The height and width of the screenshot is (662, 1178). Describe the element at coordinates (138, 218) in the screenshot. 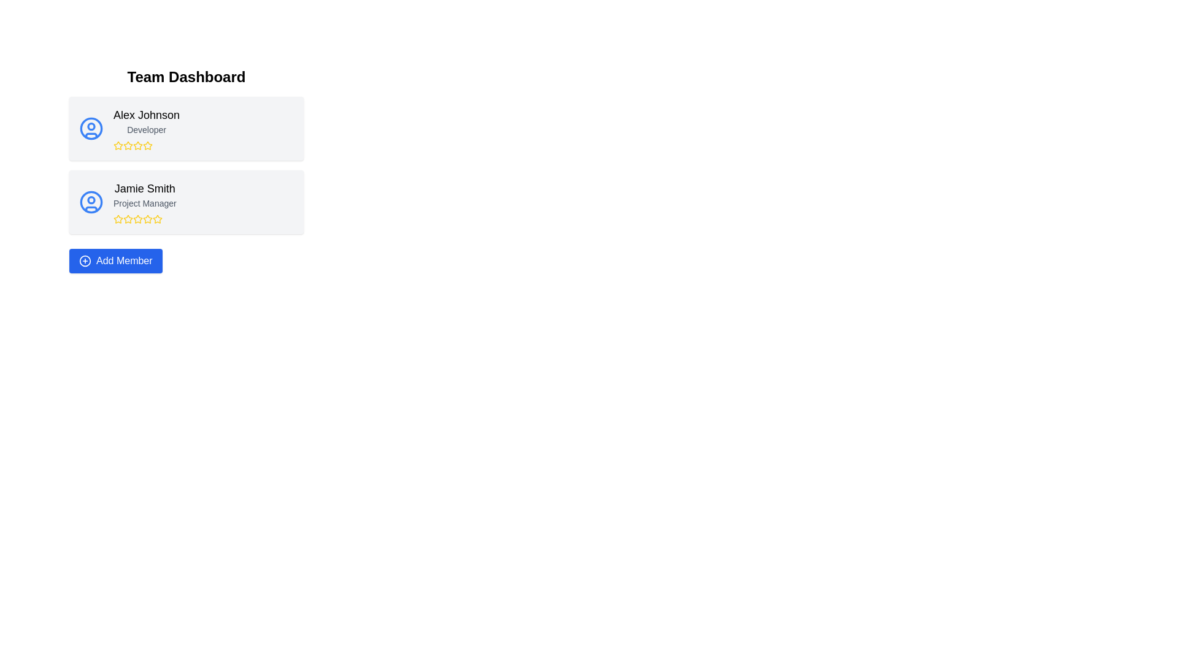

I see `the third star icon in the rating component for Jamie Smith, located below their name and role in the second card` at that location.